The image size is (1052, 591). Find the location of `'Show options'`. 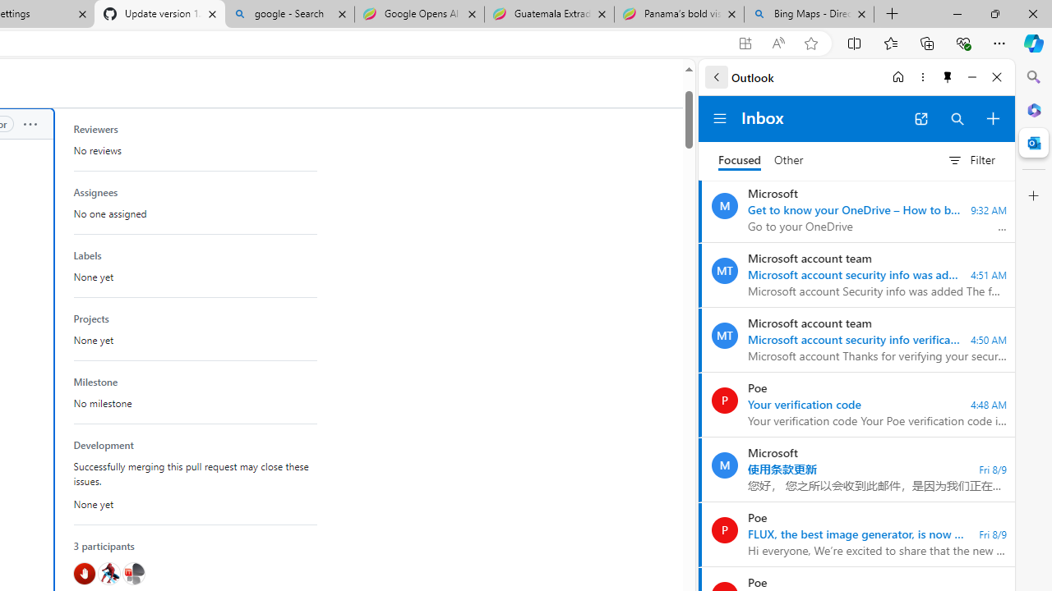

'Show options' is located at coordinates (30, 123).